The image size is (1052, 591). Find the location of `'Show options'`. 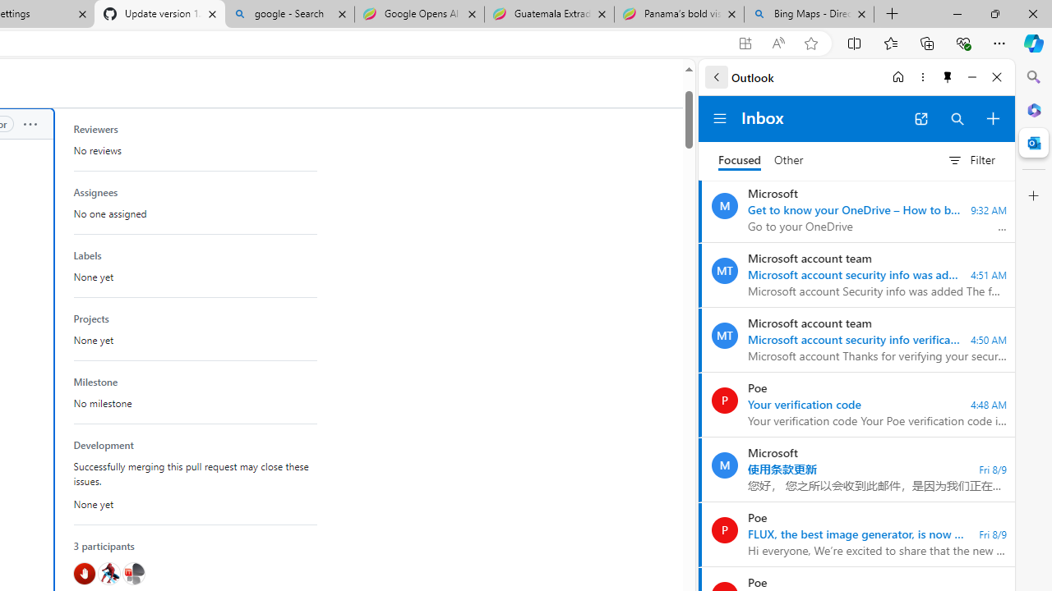

'Show options' is located at coordinates (30, 123).